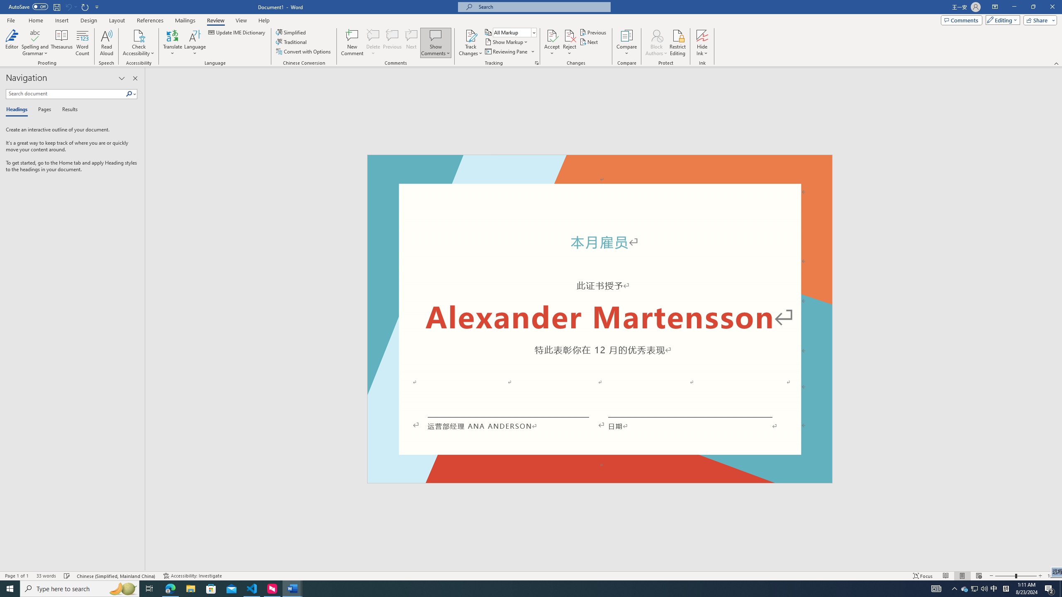 This screenshot has width=1062, height=597. What do you see at coordinates (552, 43) in the screenshot?
I see `'Accept'` at bounding box center [552, 43].